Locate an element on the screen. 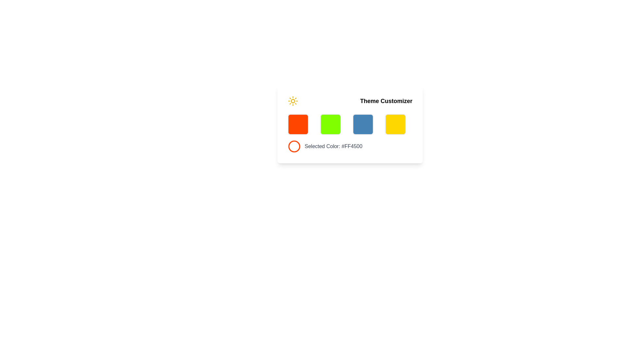 This screenshot has height=350, width=623. the informational text element that displays 'Selected Color: #FF4500' with a red circular icon to its left, located beneath the color options in the 'Theme Customizer' section is located at coordinates (350, 146).